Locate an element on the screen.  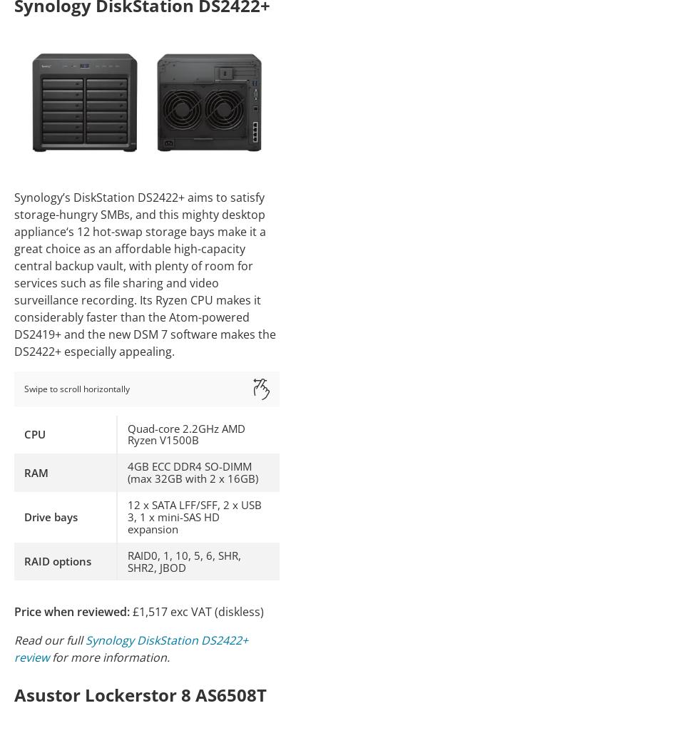
'Drive bays' is located at coordinates (51, 515).